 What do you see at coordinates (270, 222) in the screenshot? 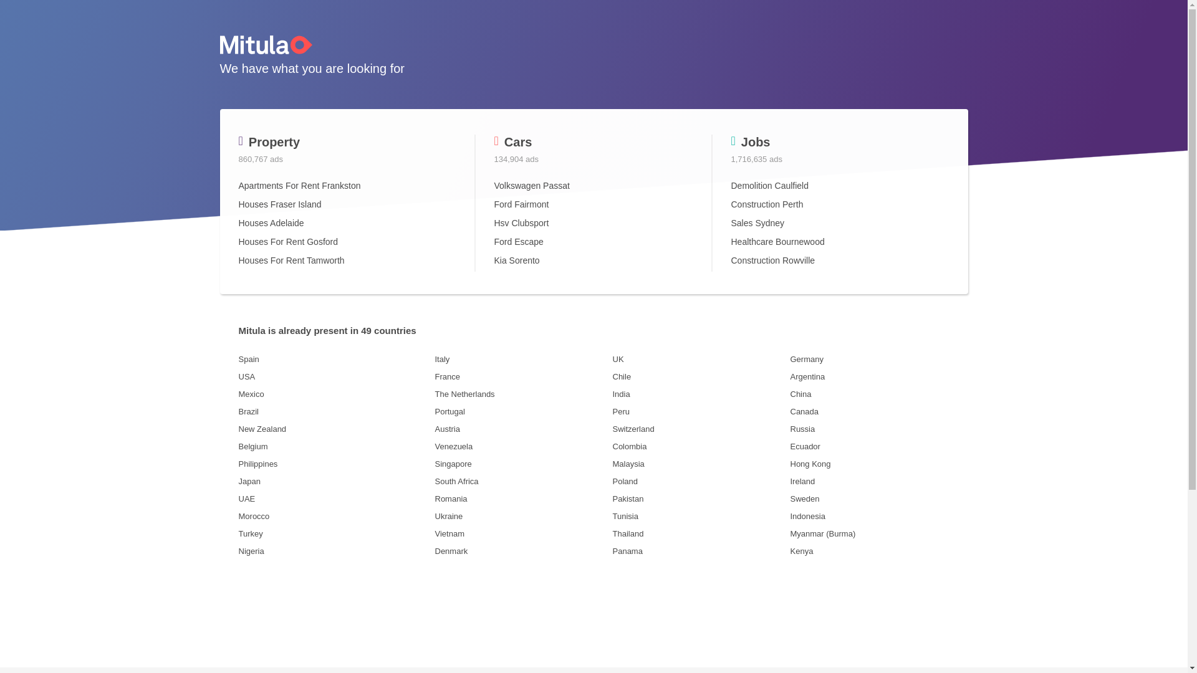
I see `'Houses Adelaide'` at bounding box center [270, 222].